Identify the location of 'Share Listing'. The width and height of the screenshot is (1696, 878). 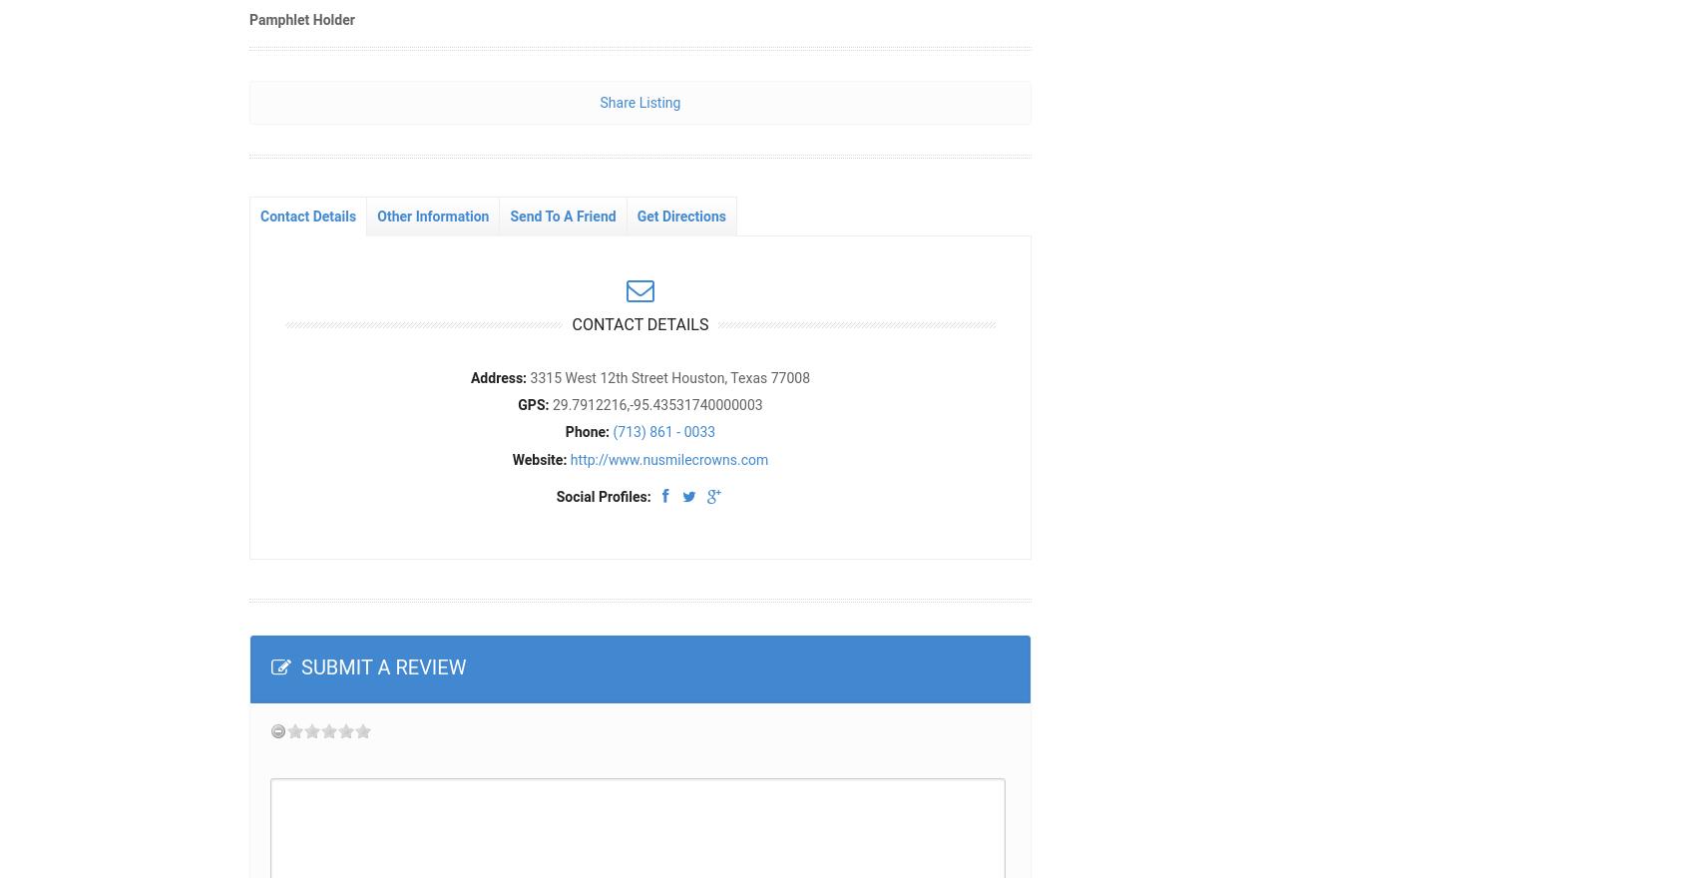
(639, 100).